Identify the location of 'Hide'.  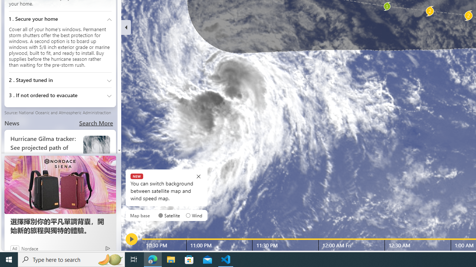
(126, 27).